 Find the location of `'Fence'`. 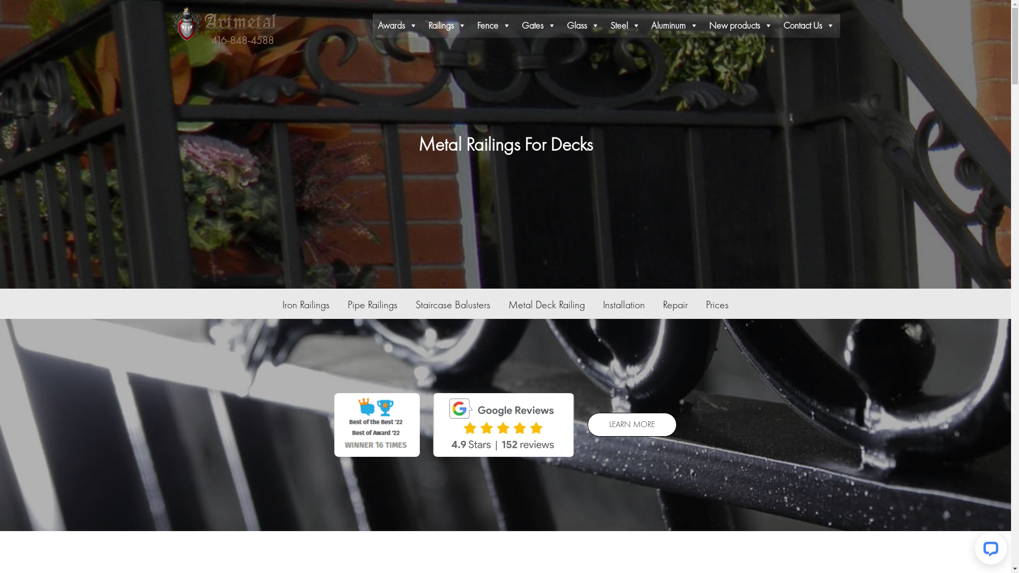

'Fence' is located at coordinates (471, 24).